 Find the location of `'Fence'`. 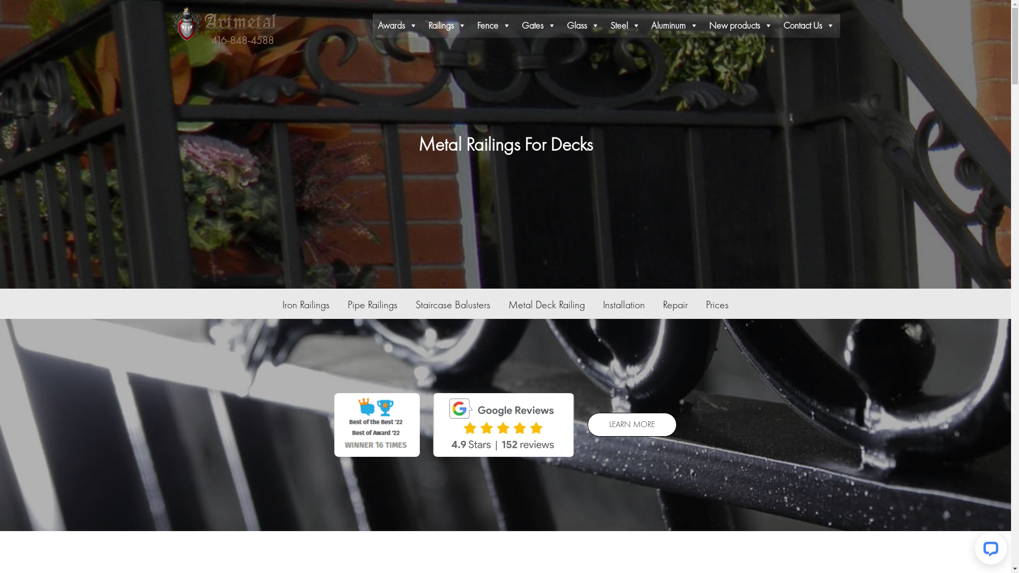

'Fence' is located at coordinates (471, 24).